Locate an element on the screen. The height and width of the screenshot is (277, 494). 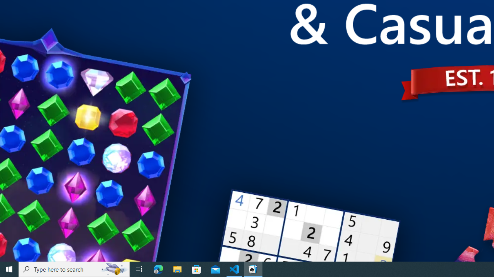
'Start' is located at coordinates (9, 269).